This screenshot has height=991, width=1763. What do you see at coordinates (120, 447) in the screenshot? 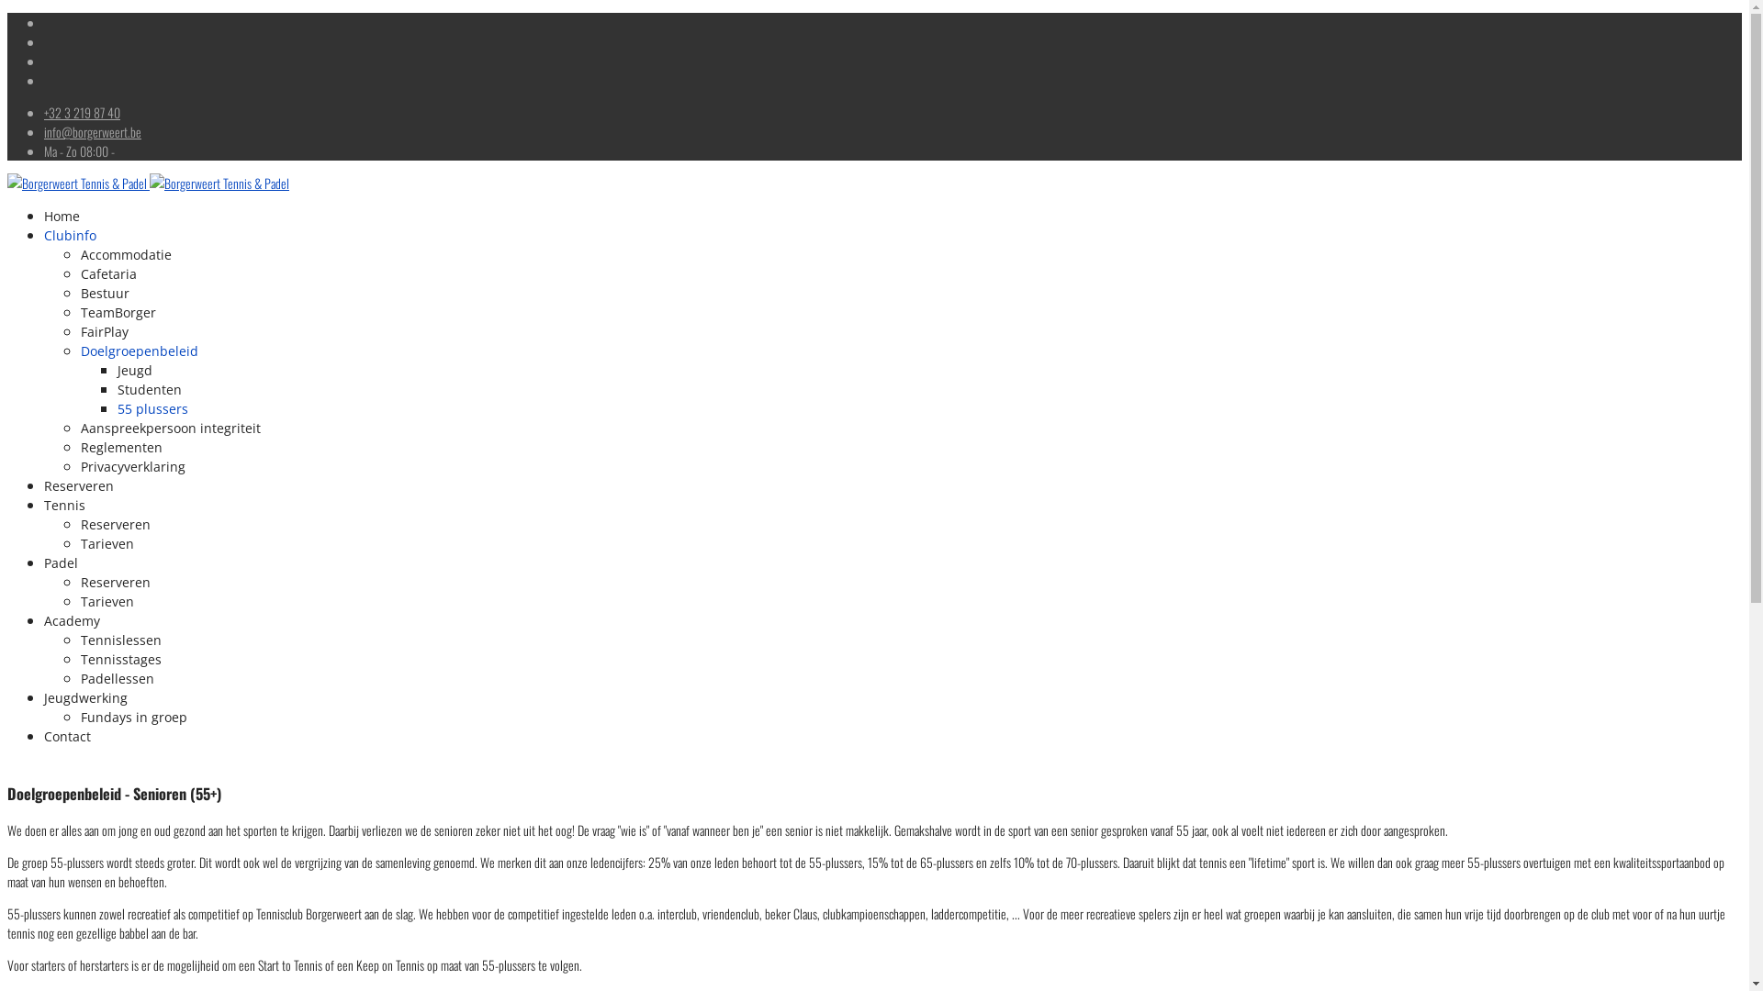
I see `'Reglementen'` at bounding box center [120, 447].